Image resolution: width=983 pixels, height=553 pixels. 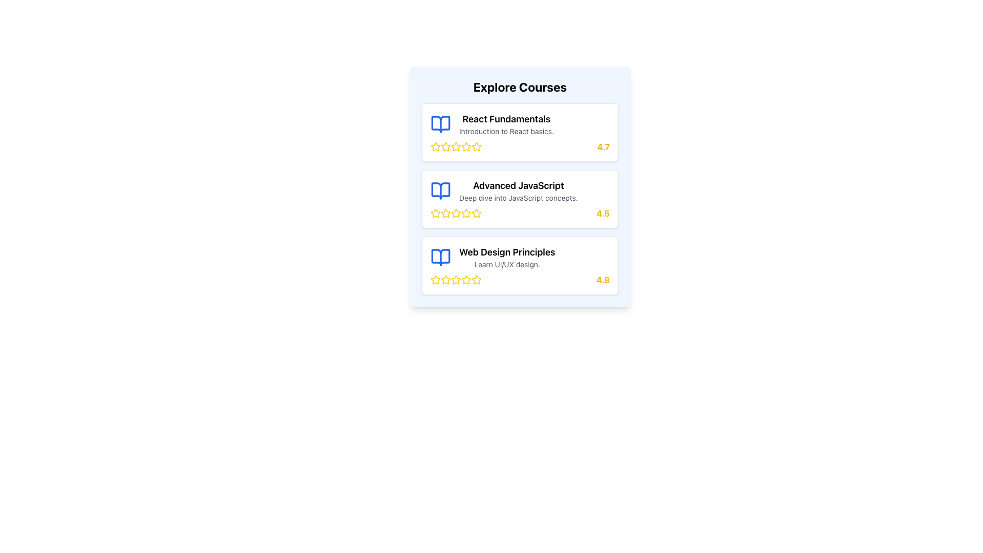 I want to click on the text label displaying '4.7' in bold yellow, located at the top-right corner of the first course's section, following the star icons, so click(x=603, y=146).